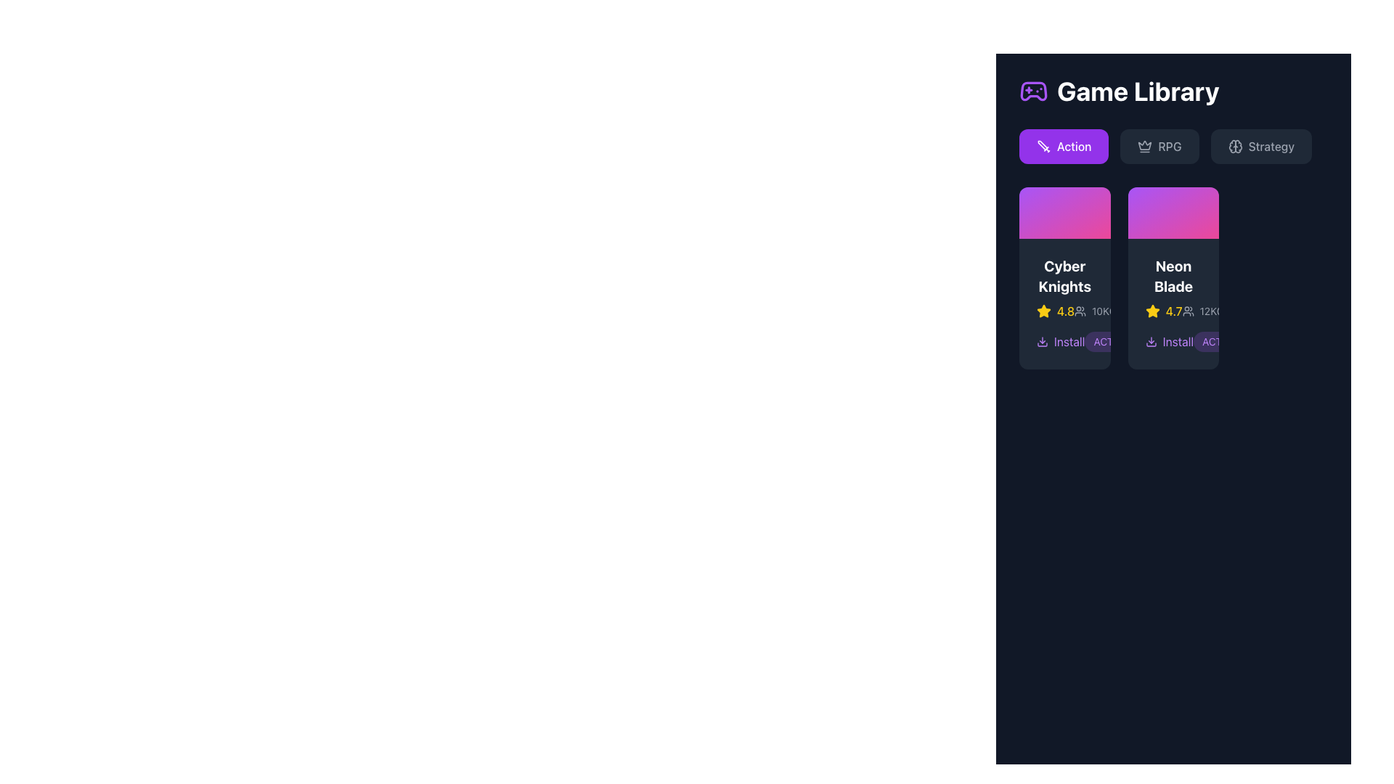 The image size is (1394, 784). I want to click on the purple game controller icon located to the left of the 'Game Library' header at the top-left corner of the interface, so click(1033, 91).